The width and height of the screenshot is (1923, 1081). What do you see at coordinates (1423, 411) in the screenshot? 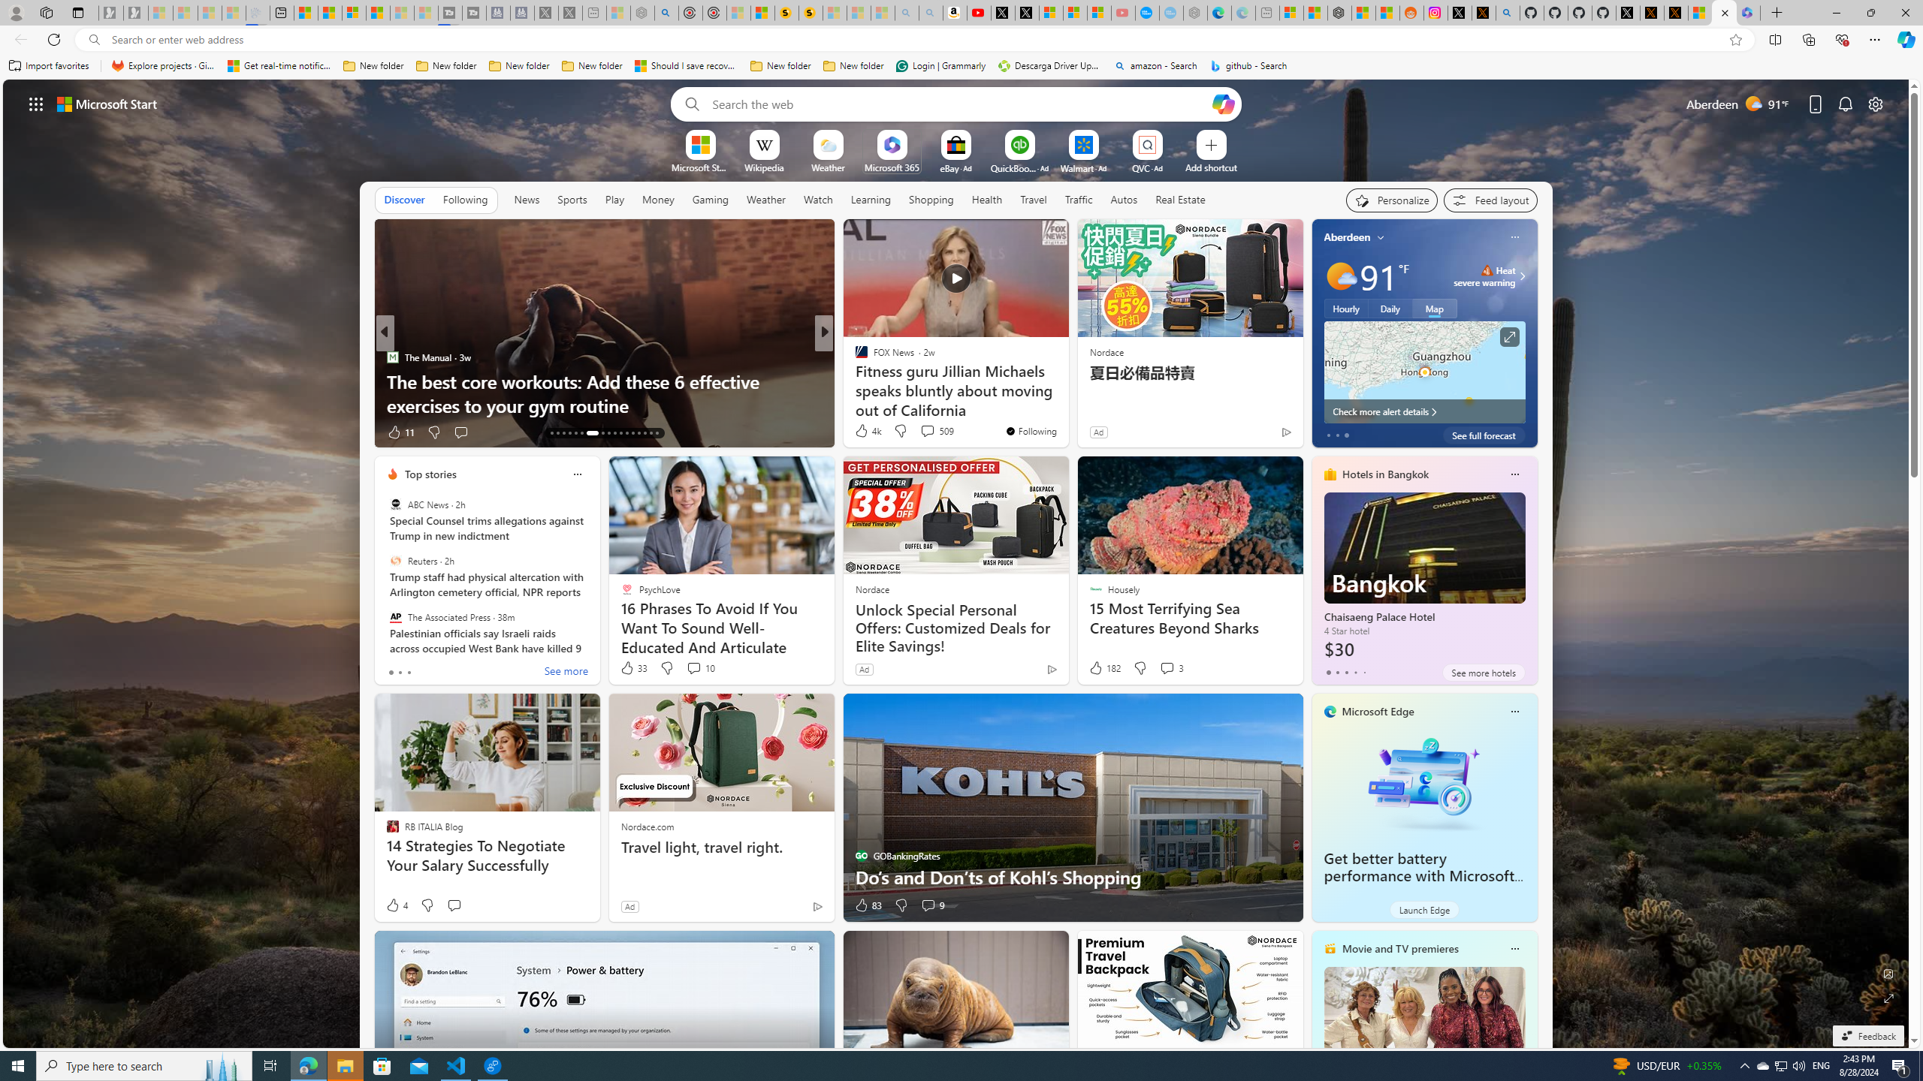
I see `'Check more alert details'` at bounding box center [1423, 411].